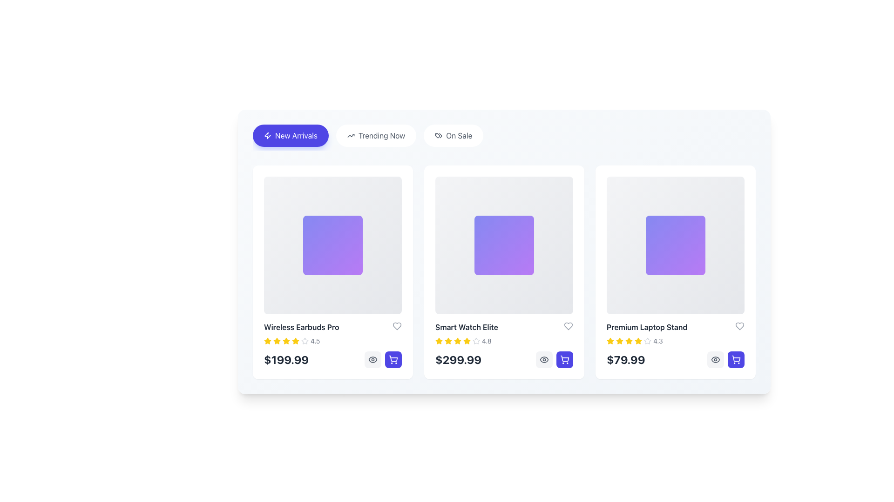  What do you see at coordinates (438, 136) in the screenshot?
I see `the decorative 'On Sale' icon located on the far left side of the 'On Sale' button` at bounding box center [438, 136].